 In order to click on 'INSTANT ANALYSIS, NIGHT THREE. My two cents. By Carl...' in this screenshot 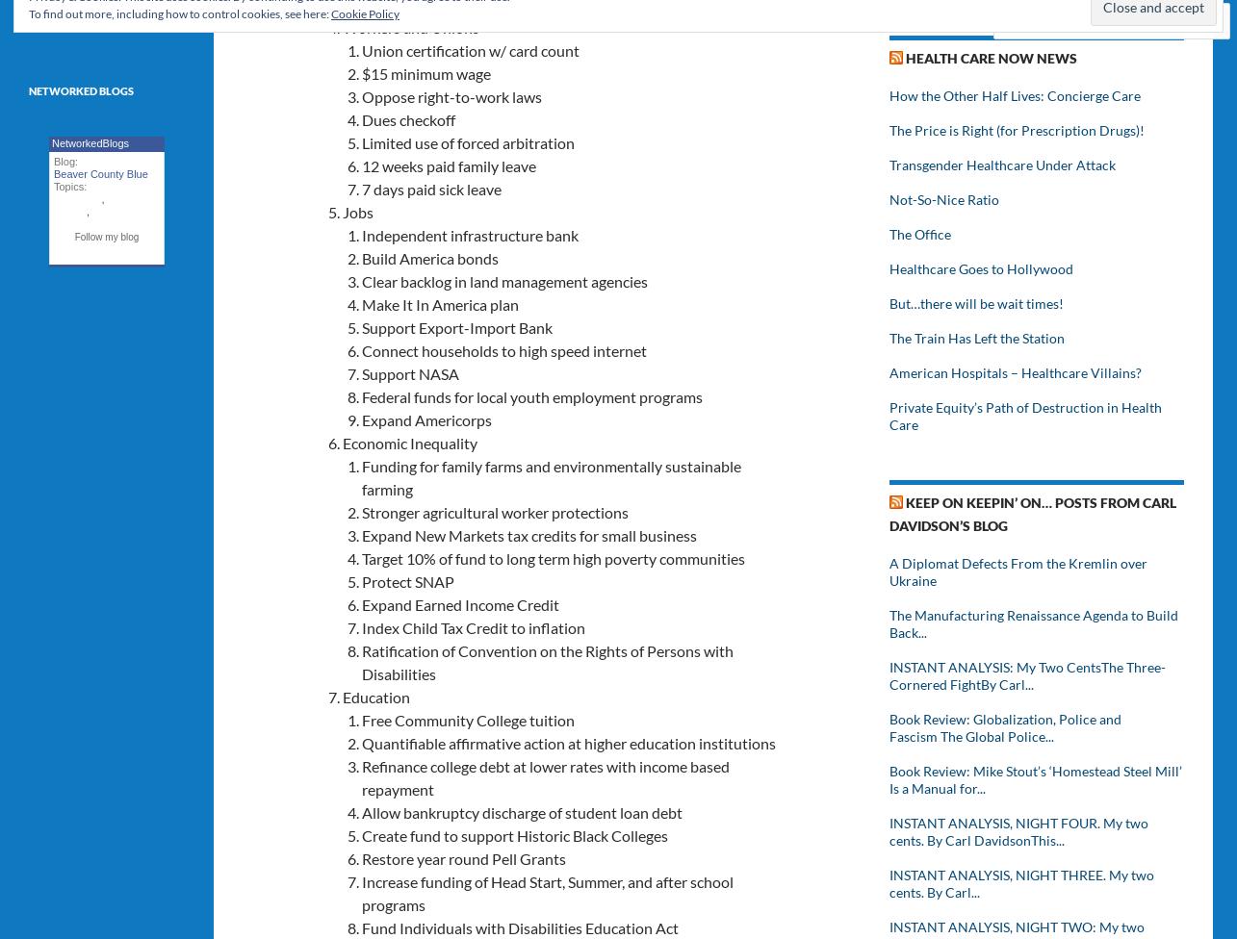, I will do `click(889, 882)`.